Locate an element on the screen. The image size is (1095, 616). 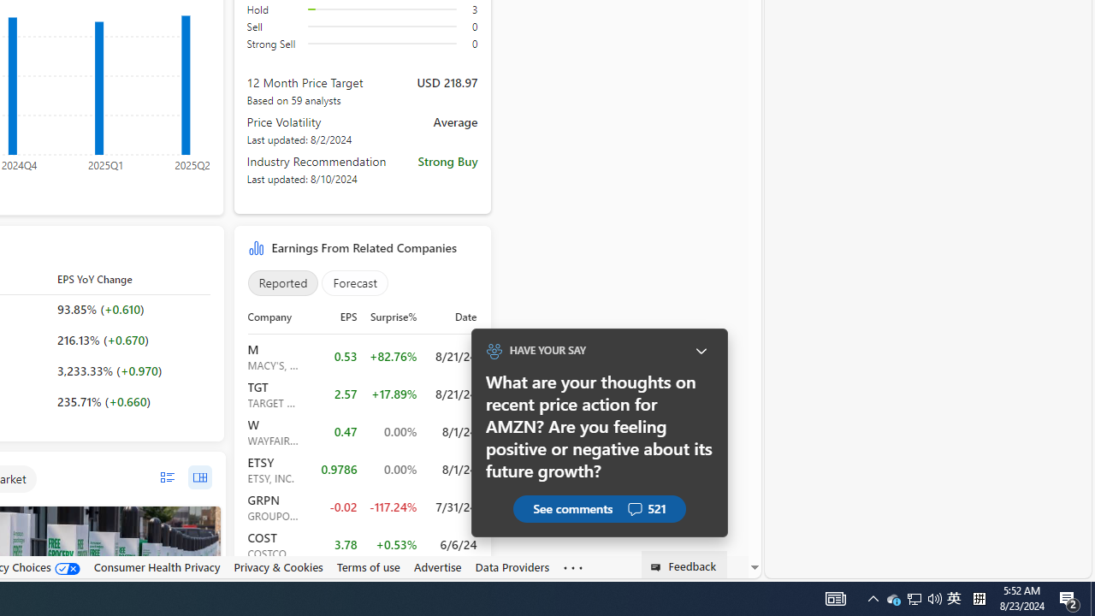
'Privacy & Cookies' is located at coordinates (278, 566).